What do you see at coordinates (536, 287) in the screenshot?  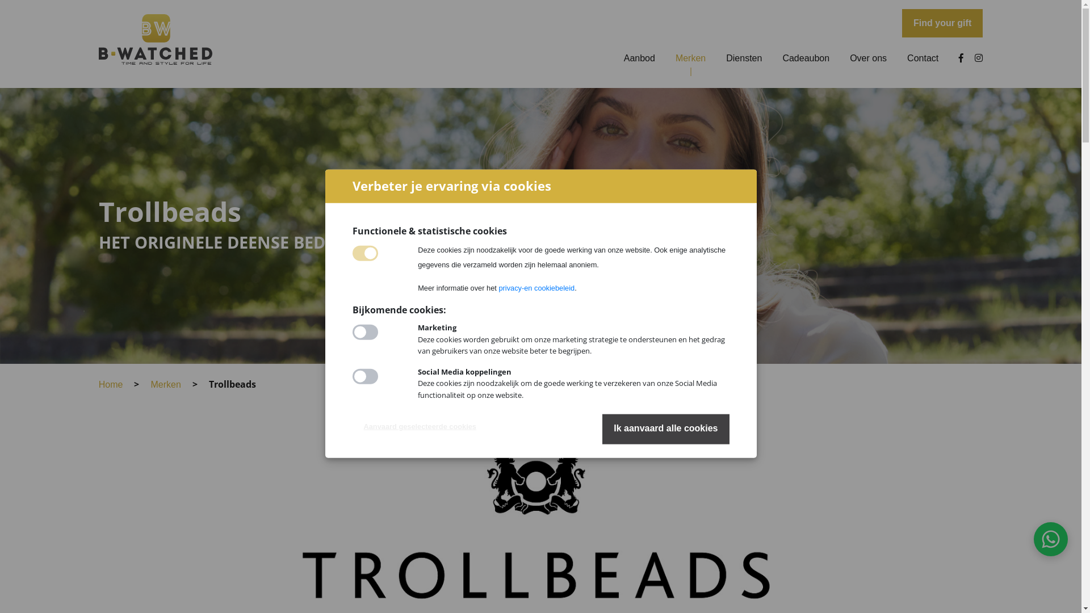 I see `'privacy-en cookiebeleid'` at bounding box center [536, 287].